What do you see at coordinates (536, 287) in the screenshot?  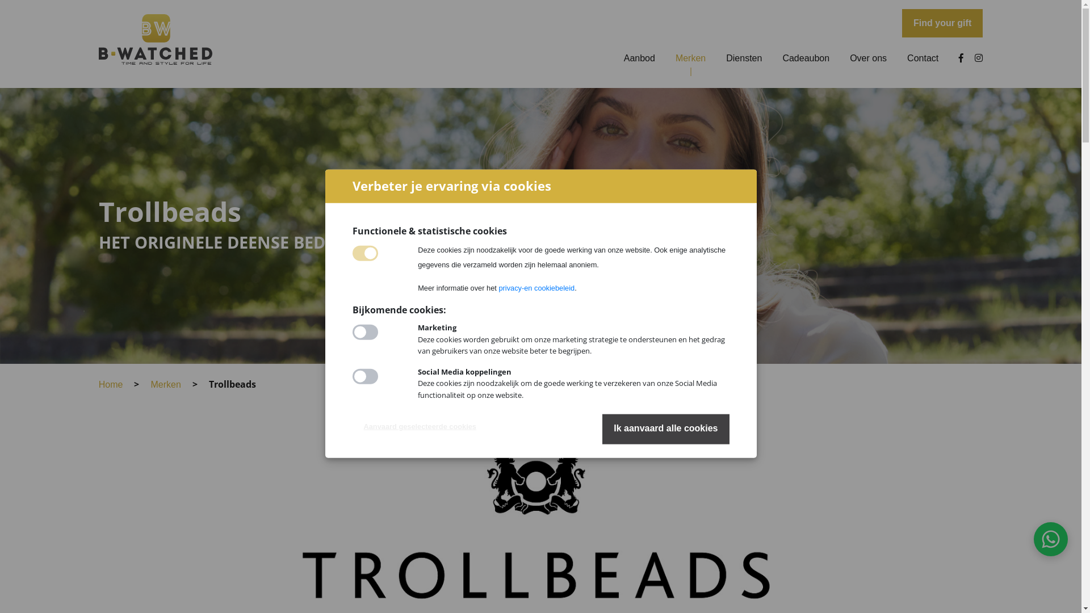 I see `'privacy-en cookiebeleid'` at bounding box center [536, 287].